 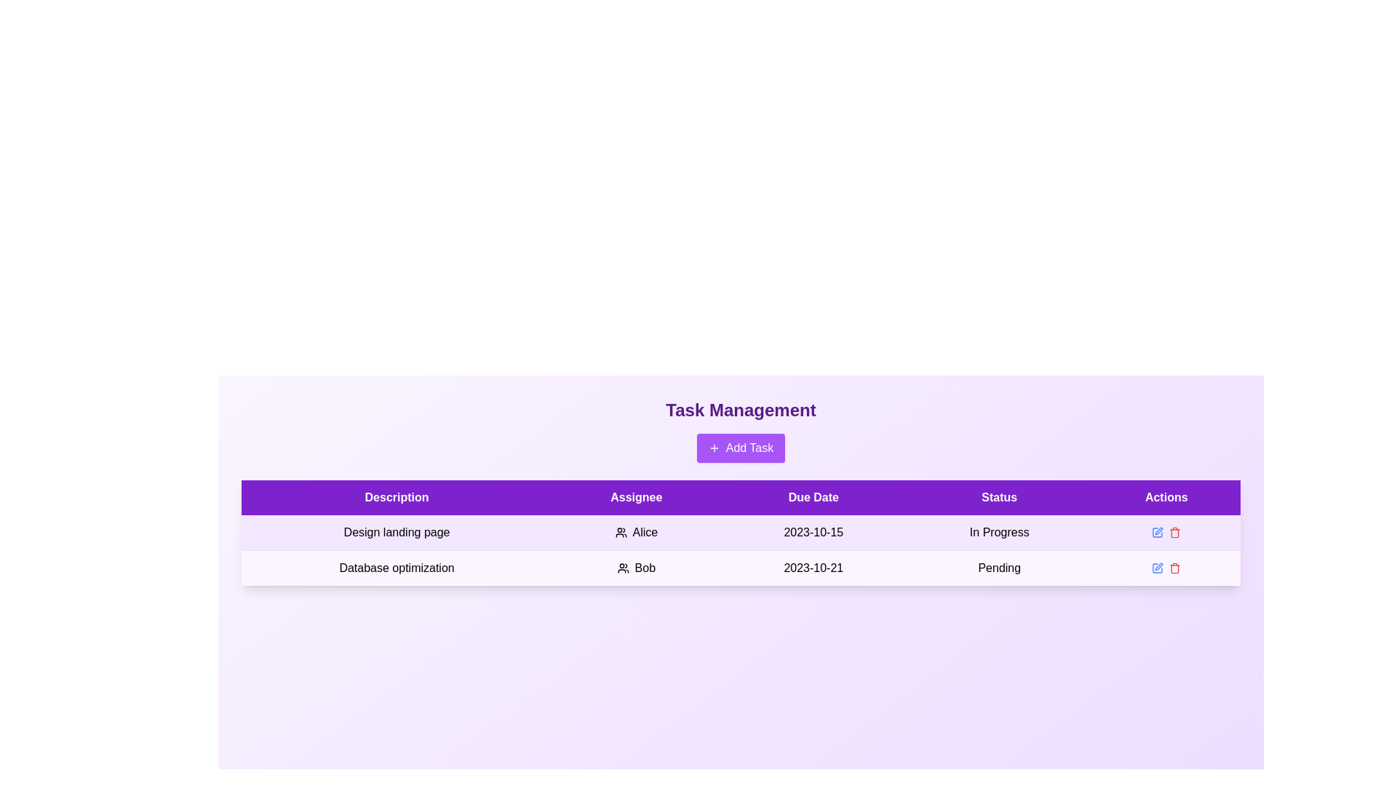 I want to click on the 'Assignee' header text label in the task management table, which is the second column header located between 'Description' and 'Due Date', so click(x=636, y=496).